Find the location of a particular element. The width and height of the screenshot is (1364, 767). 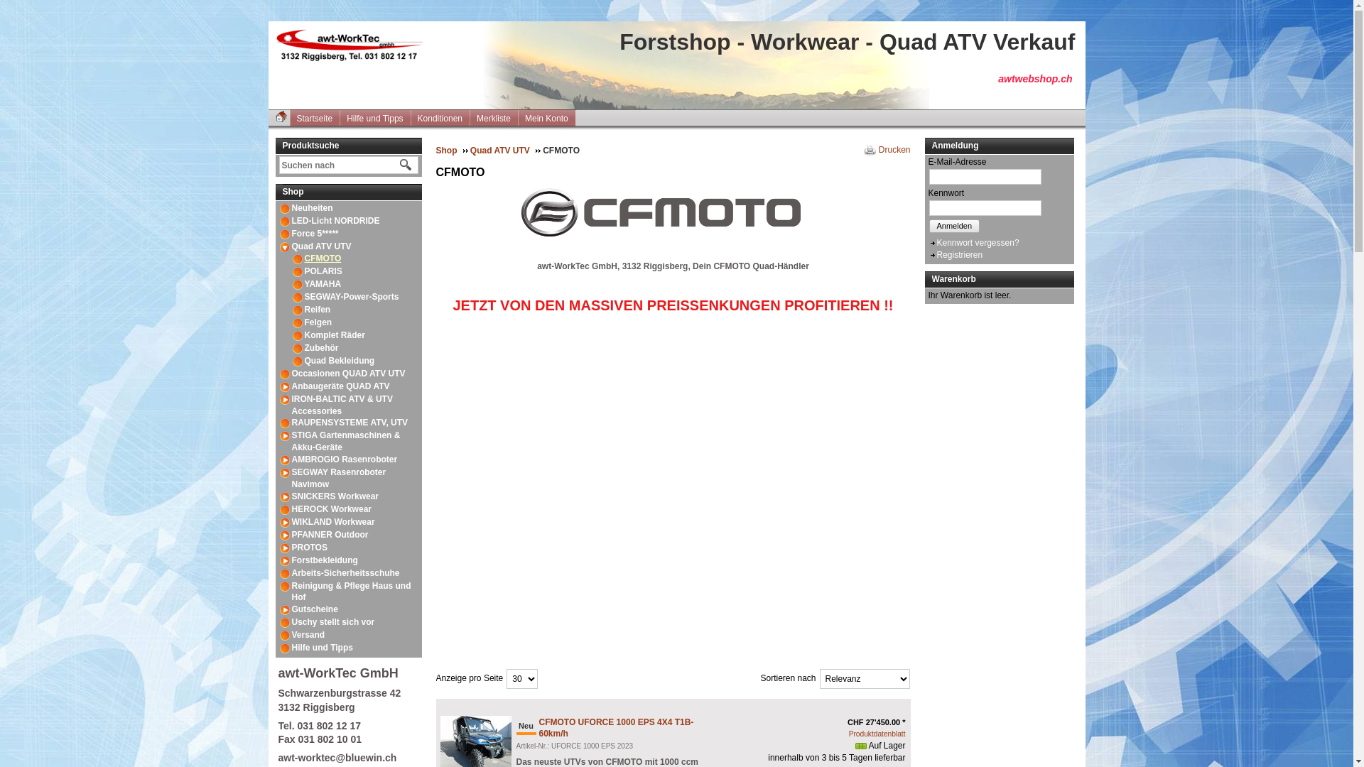

'Produktdatenblatt' is located at coordinates (876, 734).